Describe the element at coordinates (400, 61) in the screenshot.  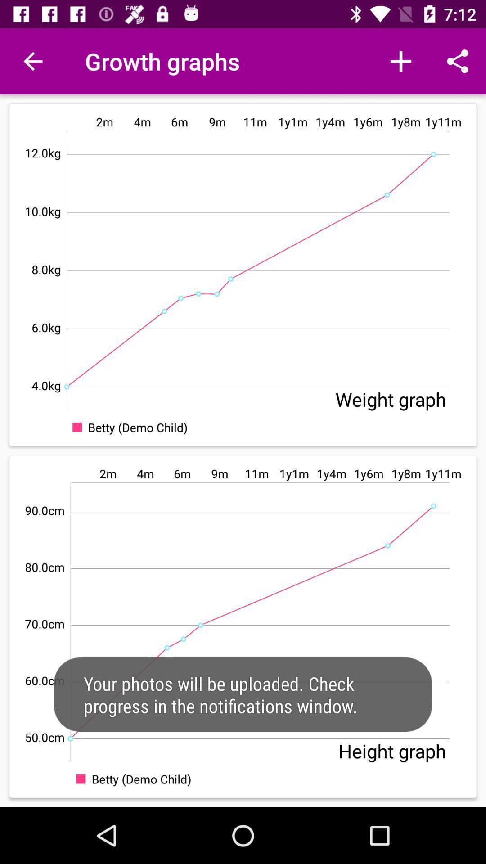
I see `the item to the right of the growth graphs` at that location.